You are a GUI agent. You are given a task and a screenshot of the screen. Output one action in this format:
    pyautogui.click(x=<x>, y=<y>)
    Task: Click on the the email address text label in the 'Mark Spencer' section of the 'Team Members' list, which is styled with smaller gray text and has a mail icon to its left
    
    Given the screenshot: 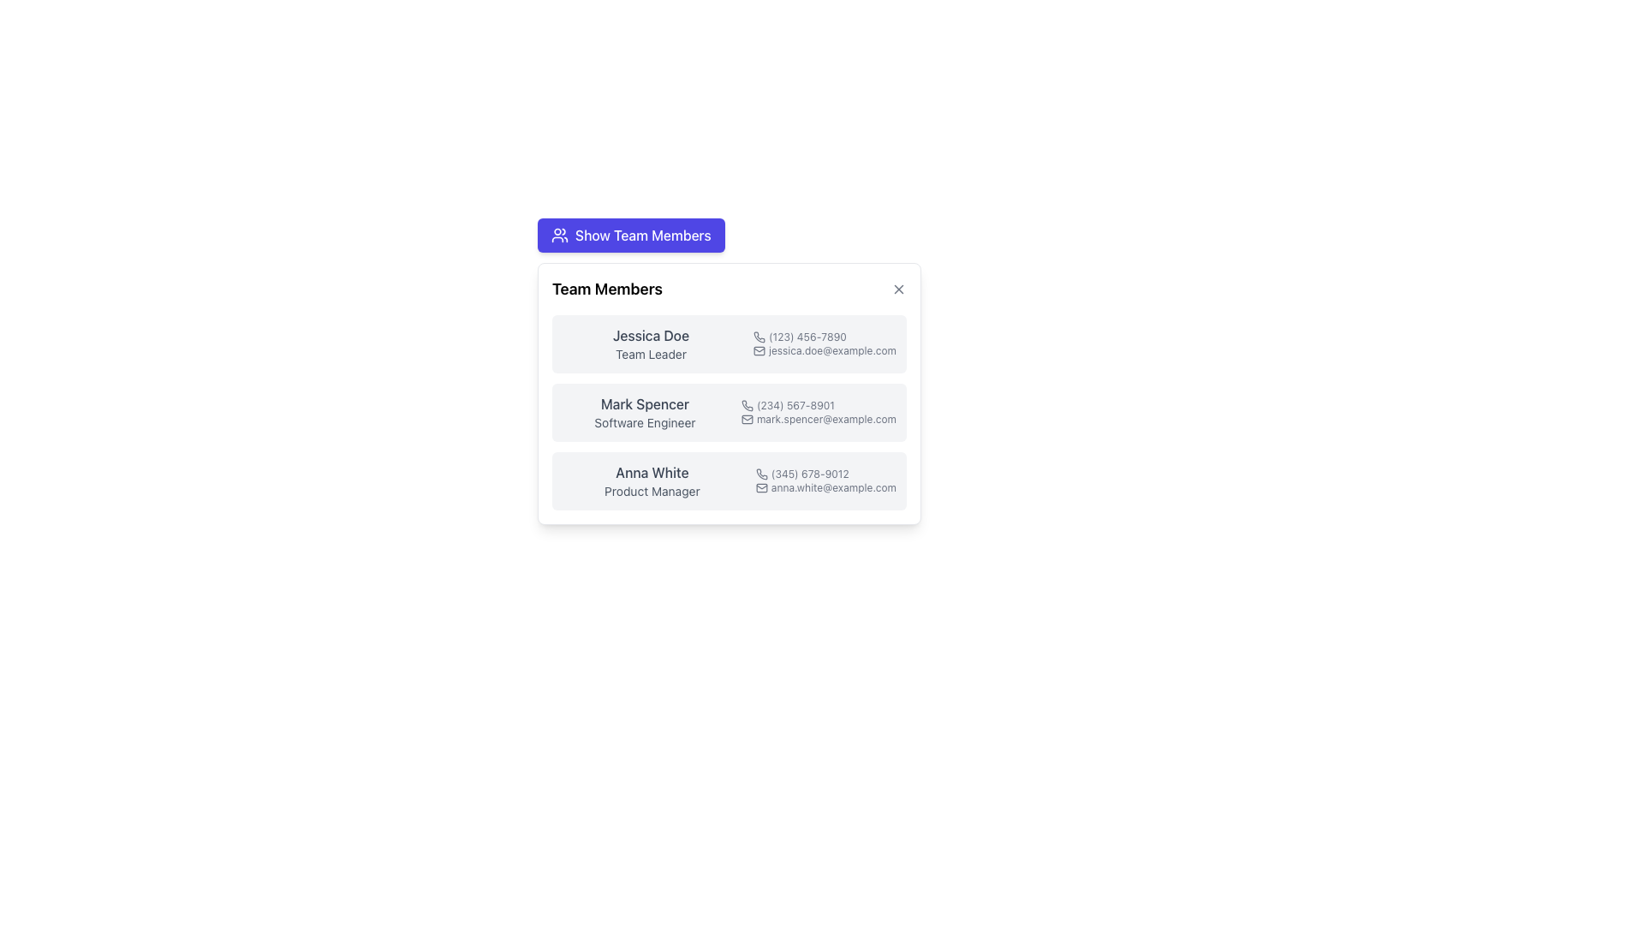 What is the action you would take?
    pyautogui.click(x=818, y=419)
    